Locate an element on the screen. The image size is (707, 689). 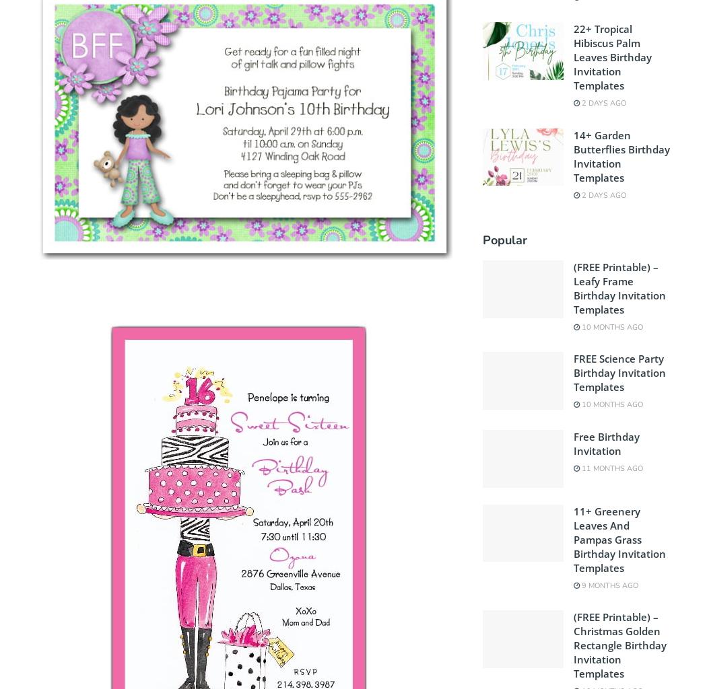
'14+ Garden Butterflies Birthday Invitation Templates' is located at coordinates (621, 155).